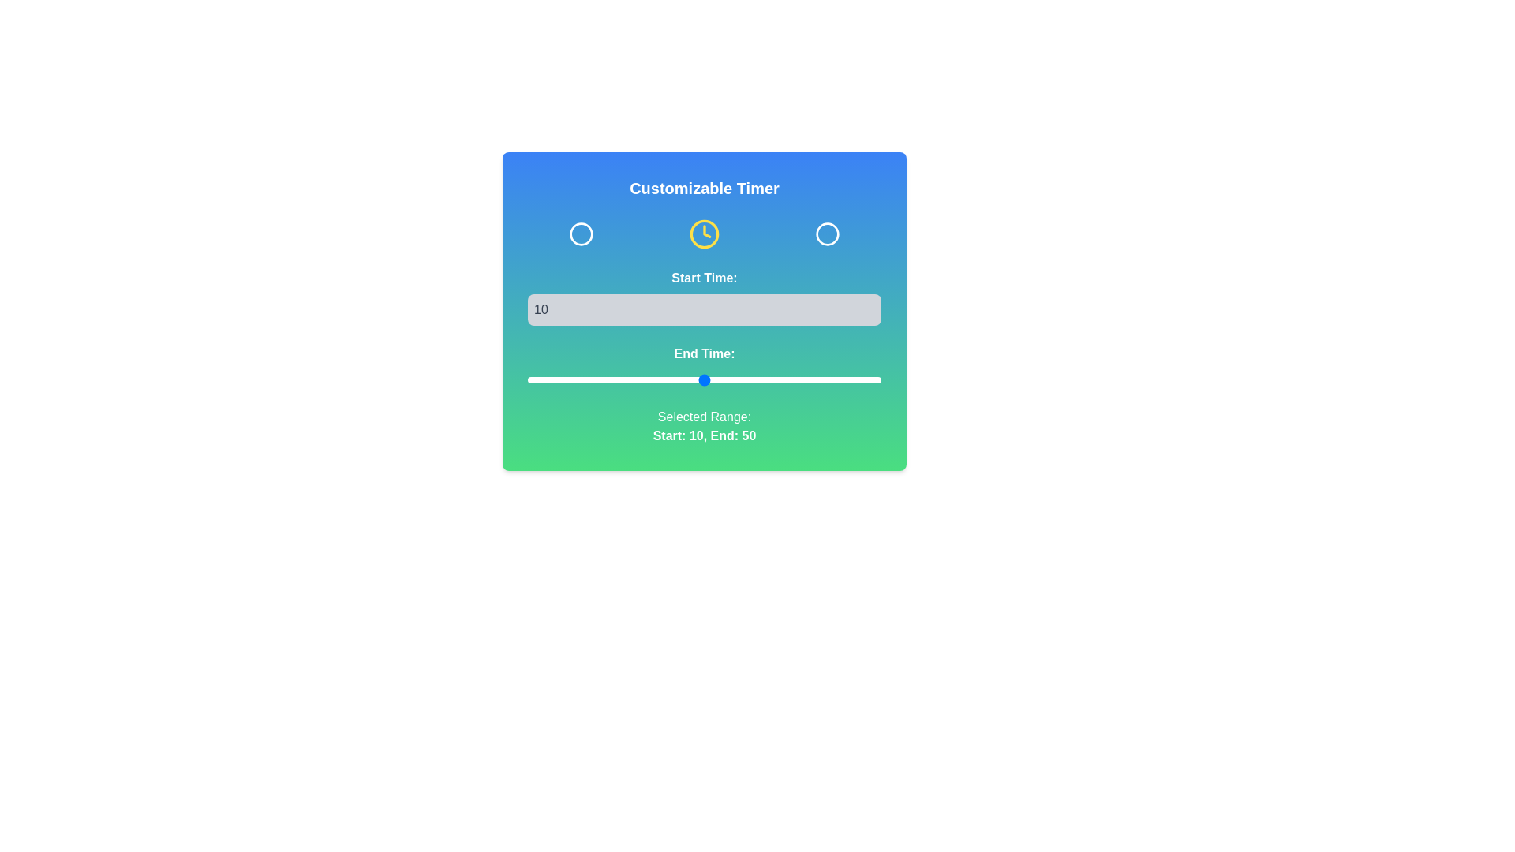 The height and width of the screenshot is (852, 1515). I want to click on the text label displaying 'Start: 10, End: 50' which is located within the 'Selected Range:' section of the 'Customizable Timer' card, so click(703, 435).